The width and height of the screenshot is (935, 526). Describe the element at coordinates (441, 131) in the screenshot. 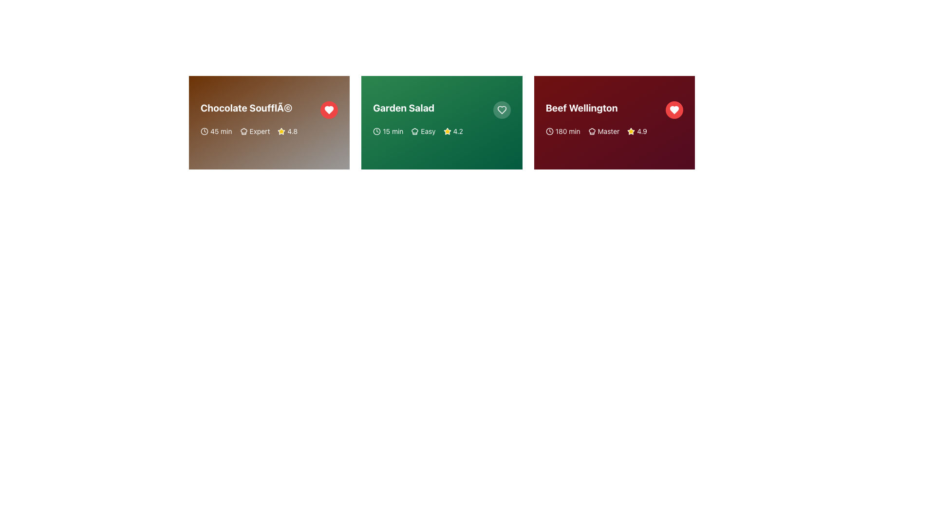

I see `informational text containing preparation time, difficulty level, and user rating for the 'Garden Salad' recipe, located at the bottom of the green card` at that location.